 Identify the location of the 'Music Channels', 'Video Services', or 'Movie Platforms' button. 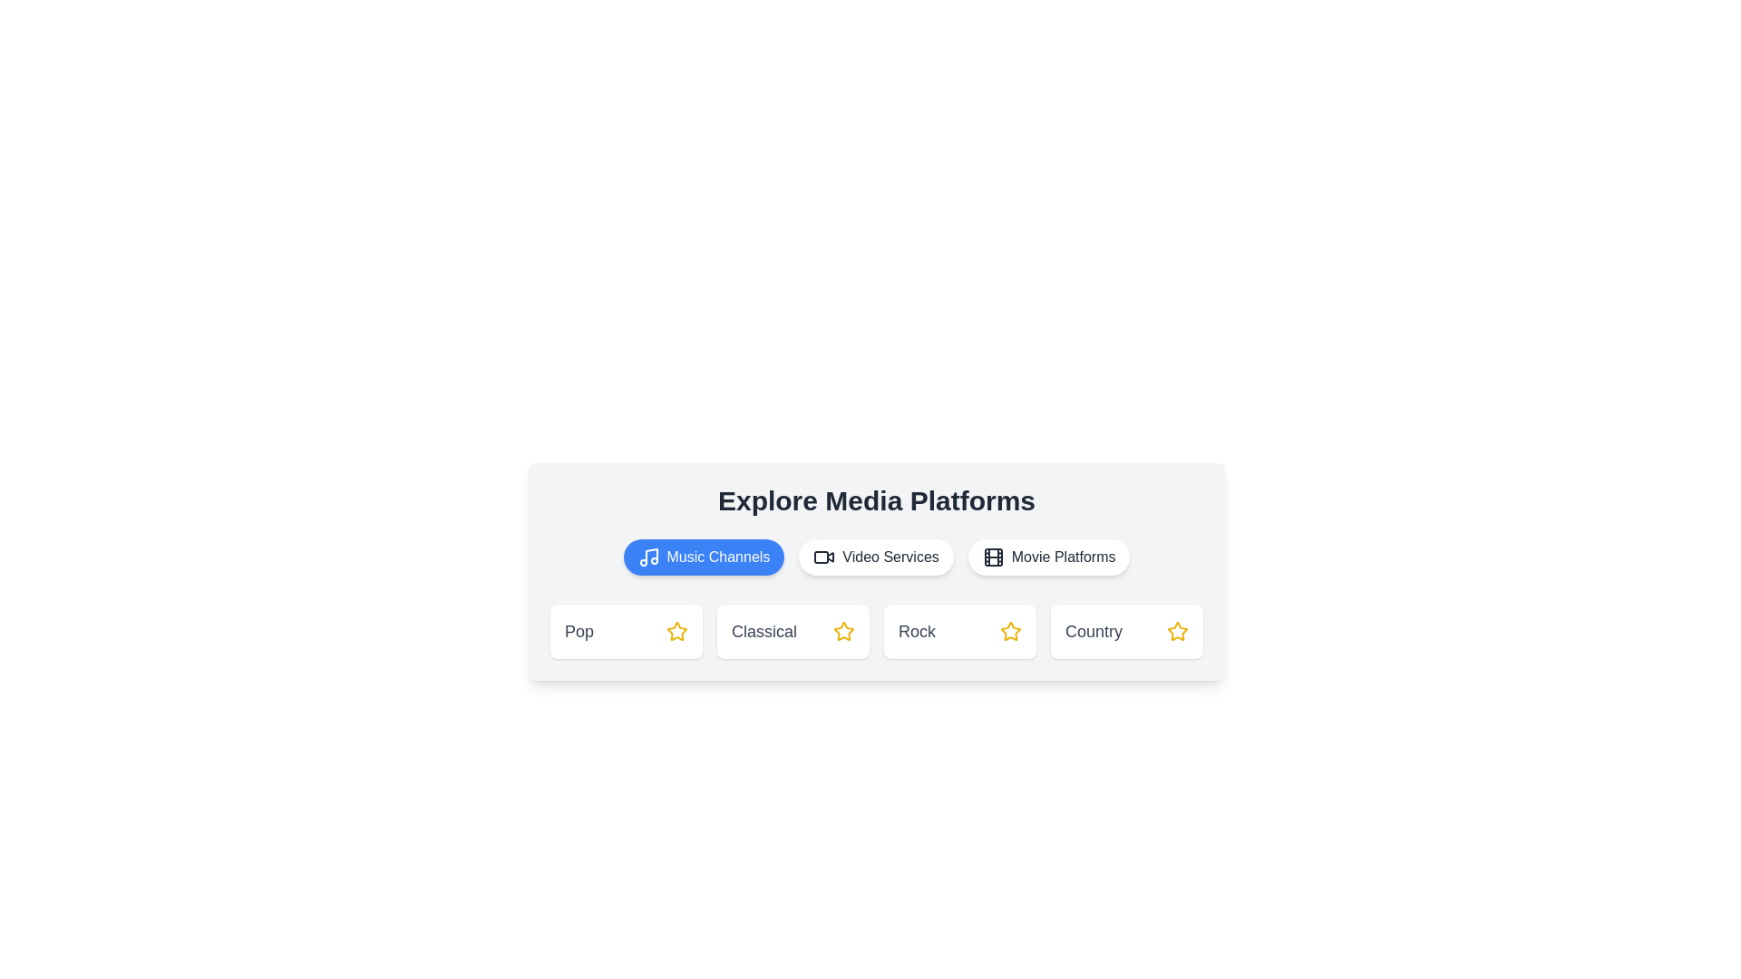
(876, 556).